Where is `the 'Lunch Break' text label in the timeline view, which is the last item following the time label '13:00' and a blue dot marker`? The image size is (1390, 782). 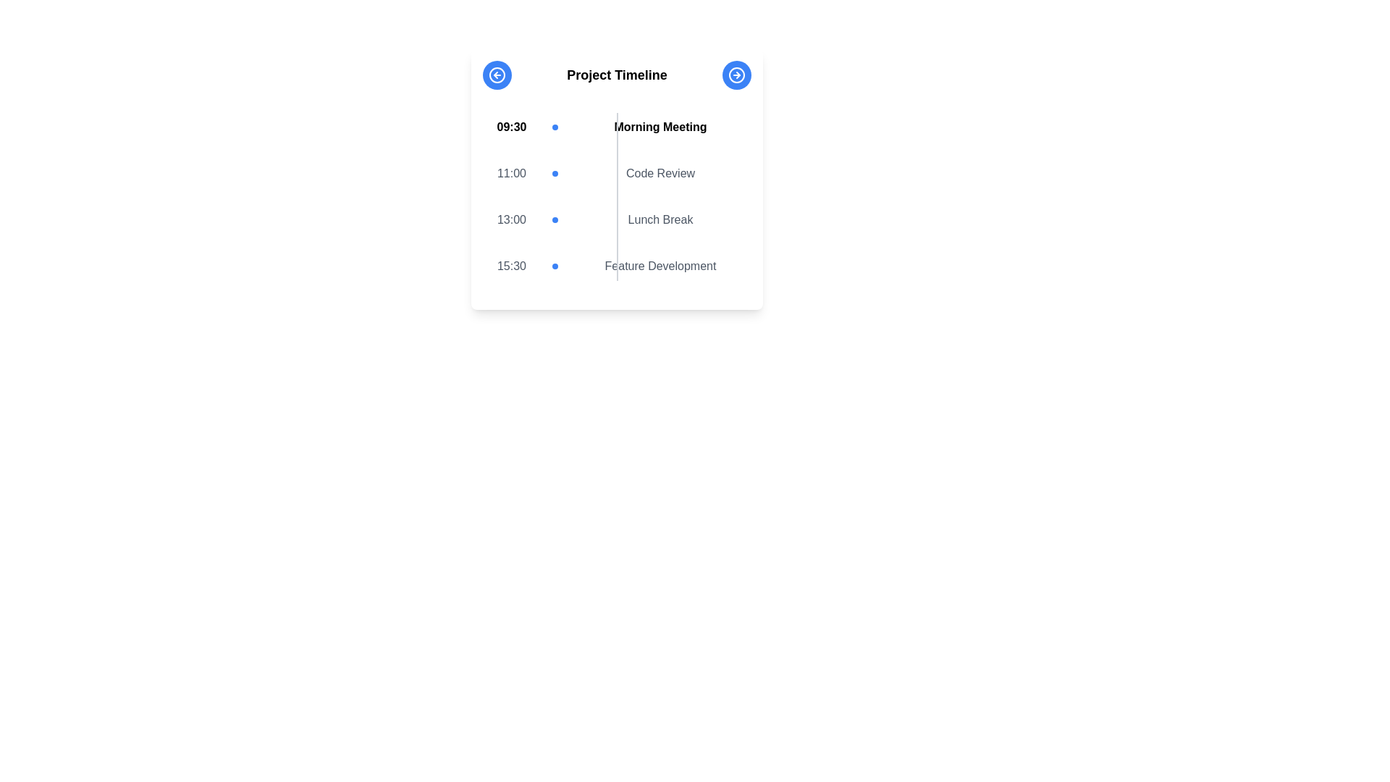 the 'Lunch Break' text label in the timeline view, which is the last item following the time label '13:00' and a blue dot marker is located at coordinates (660, 220).